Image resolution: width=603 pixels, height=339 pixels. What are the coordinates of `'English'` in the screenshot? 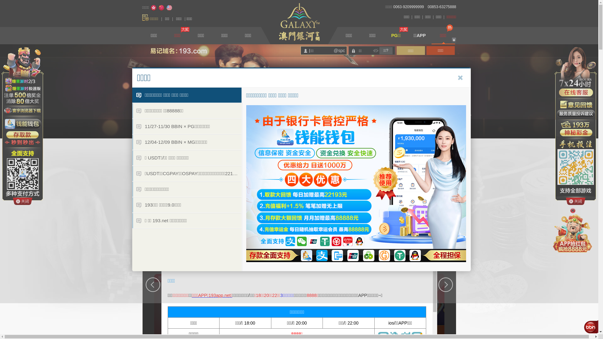 It's located at (166, 8).